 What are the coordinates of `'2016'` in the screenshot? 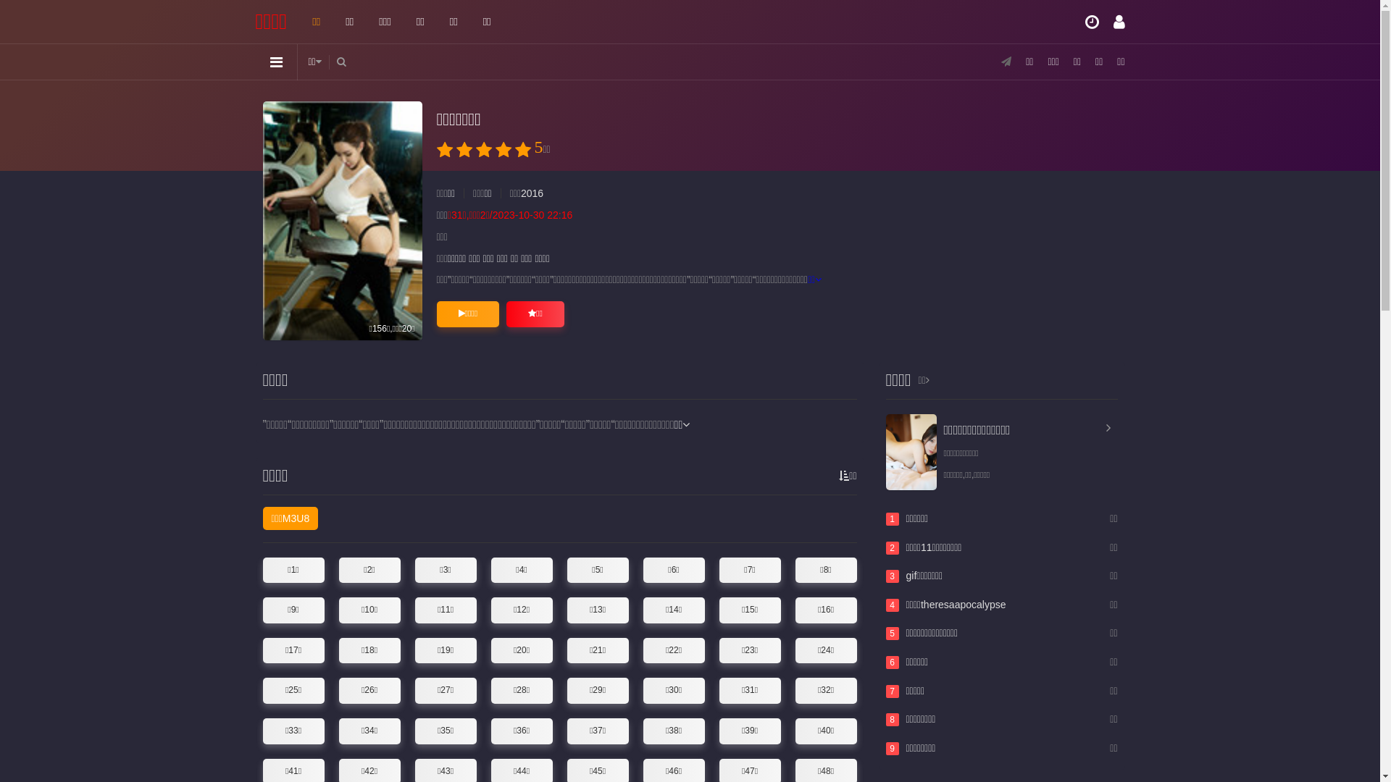 It's located at (531, 192).